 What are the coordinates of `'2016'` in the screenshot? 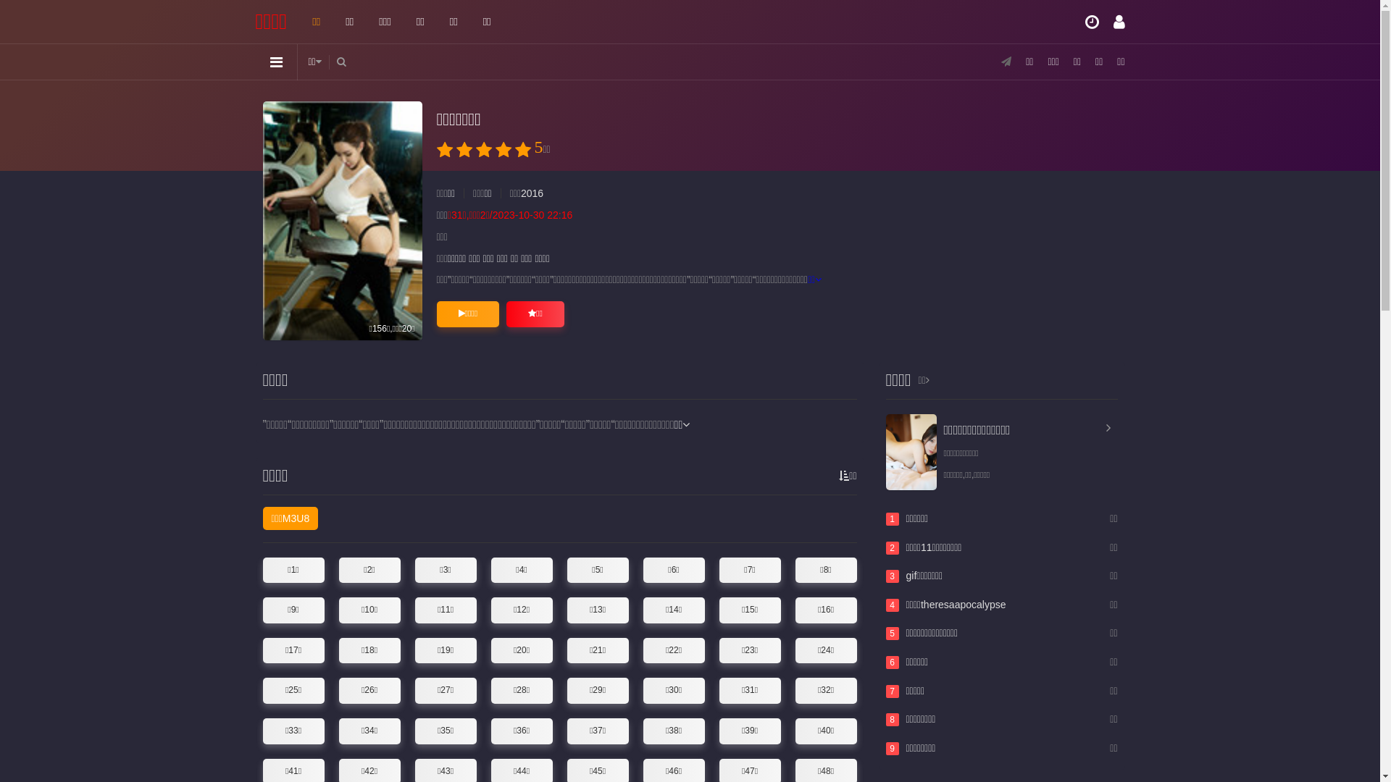 It's located at (531, 192).